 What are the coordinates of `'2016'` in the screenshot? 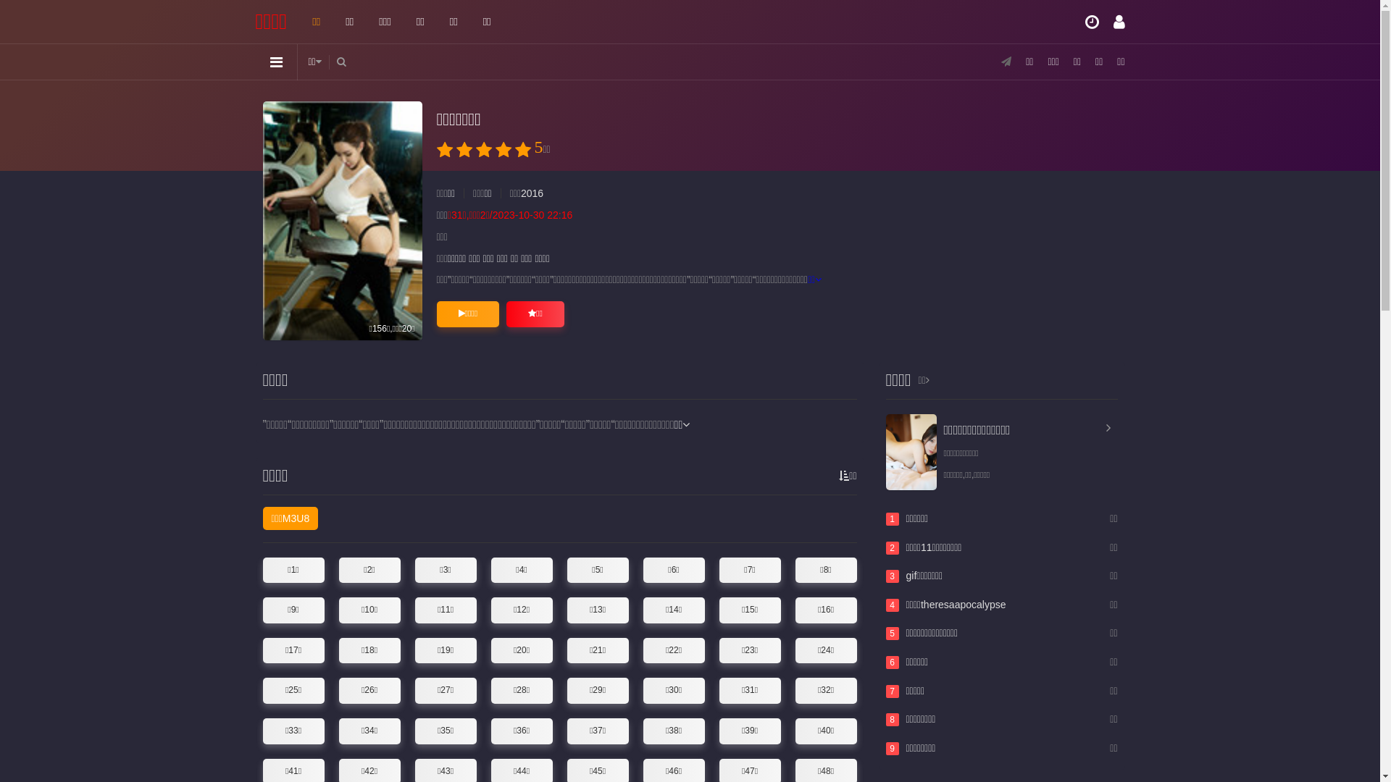 It's located at (531, 192).